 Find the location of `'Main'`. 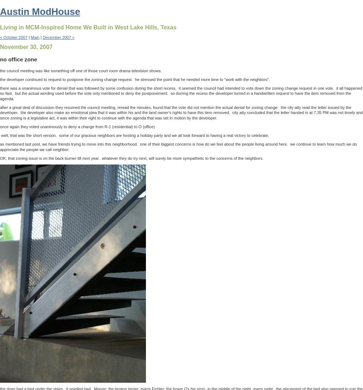

'Main' is located at coordinates (34, 37).